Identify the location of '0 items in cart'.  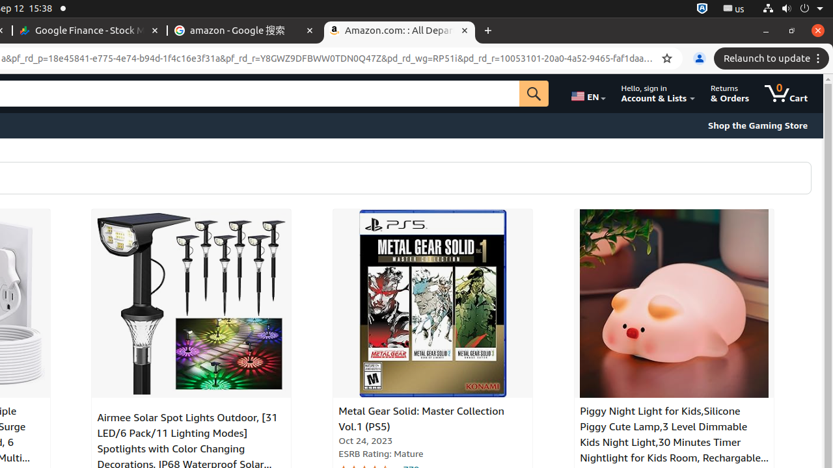
(785, 93).